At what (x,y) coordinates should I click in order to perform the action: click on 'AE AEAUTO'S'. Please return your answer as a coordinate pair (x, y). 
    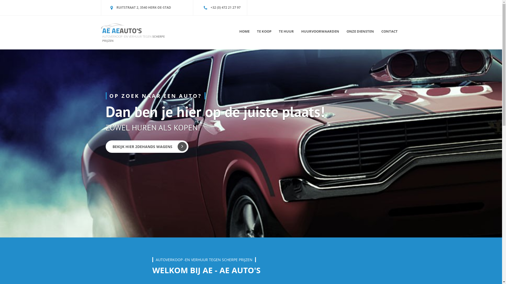
    Looking at the image, I should click on (121, 31).